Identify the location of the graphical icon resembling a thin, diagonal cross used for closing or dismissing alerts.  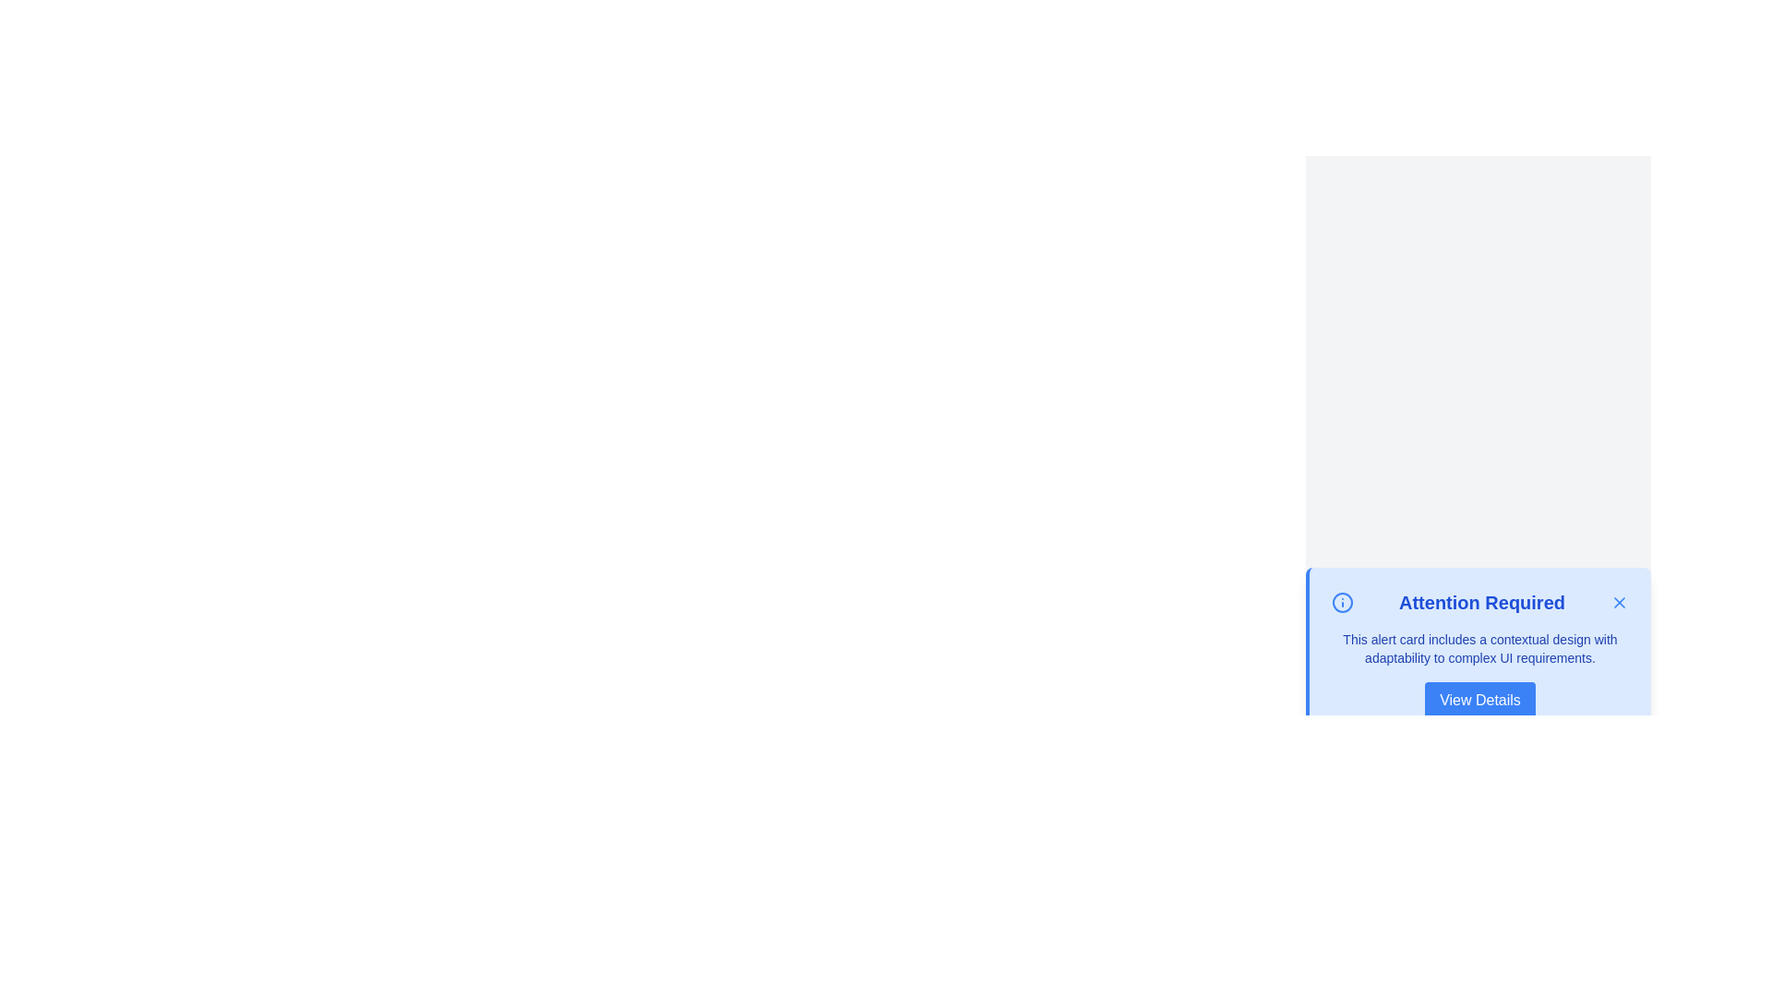
(1619, 602).